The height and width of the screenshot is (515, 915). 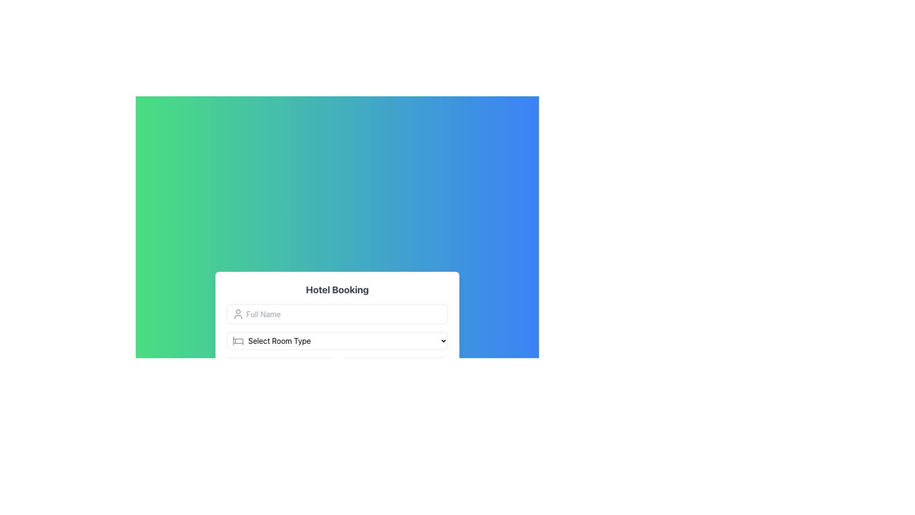 I want to click on the 'Select Room Type' dropdown menu in the 'Hotel Booking' form, so click(x=337, y=353).